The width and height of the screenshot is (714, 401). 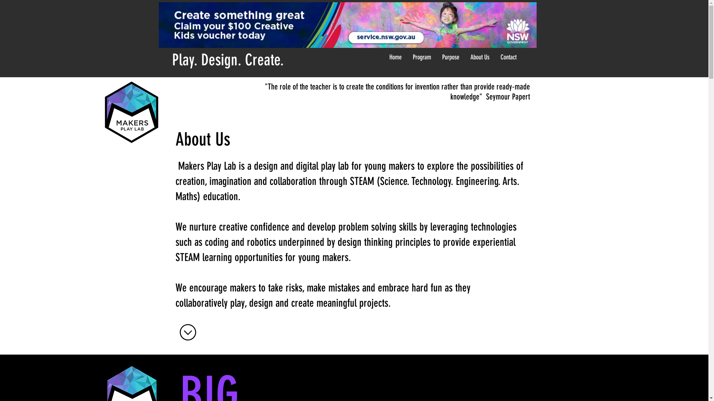 What do you see at coordinates (384, 57) in the screenshot?
I see `'Home'` at bounding box center [384, 57].